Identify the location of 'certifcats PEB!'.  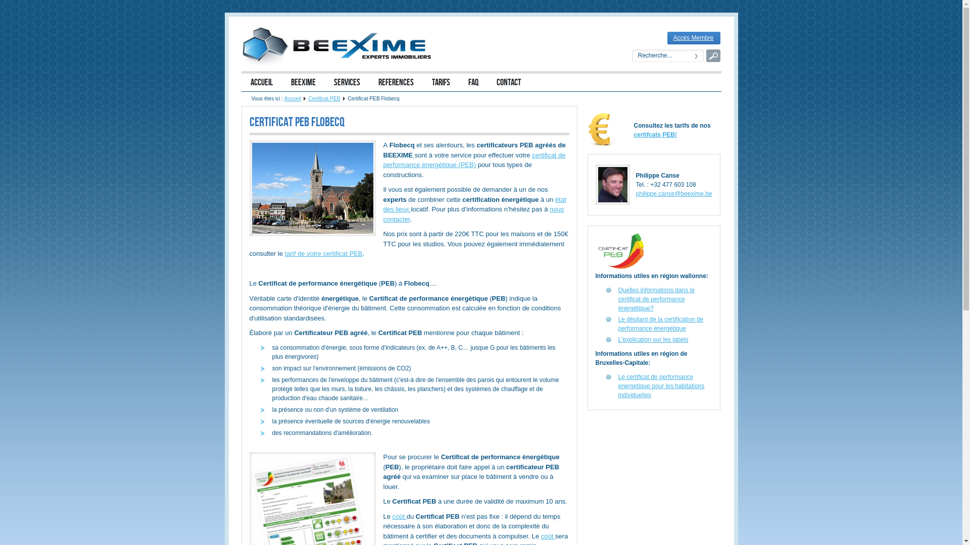
(655, 134).